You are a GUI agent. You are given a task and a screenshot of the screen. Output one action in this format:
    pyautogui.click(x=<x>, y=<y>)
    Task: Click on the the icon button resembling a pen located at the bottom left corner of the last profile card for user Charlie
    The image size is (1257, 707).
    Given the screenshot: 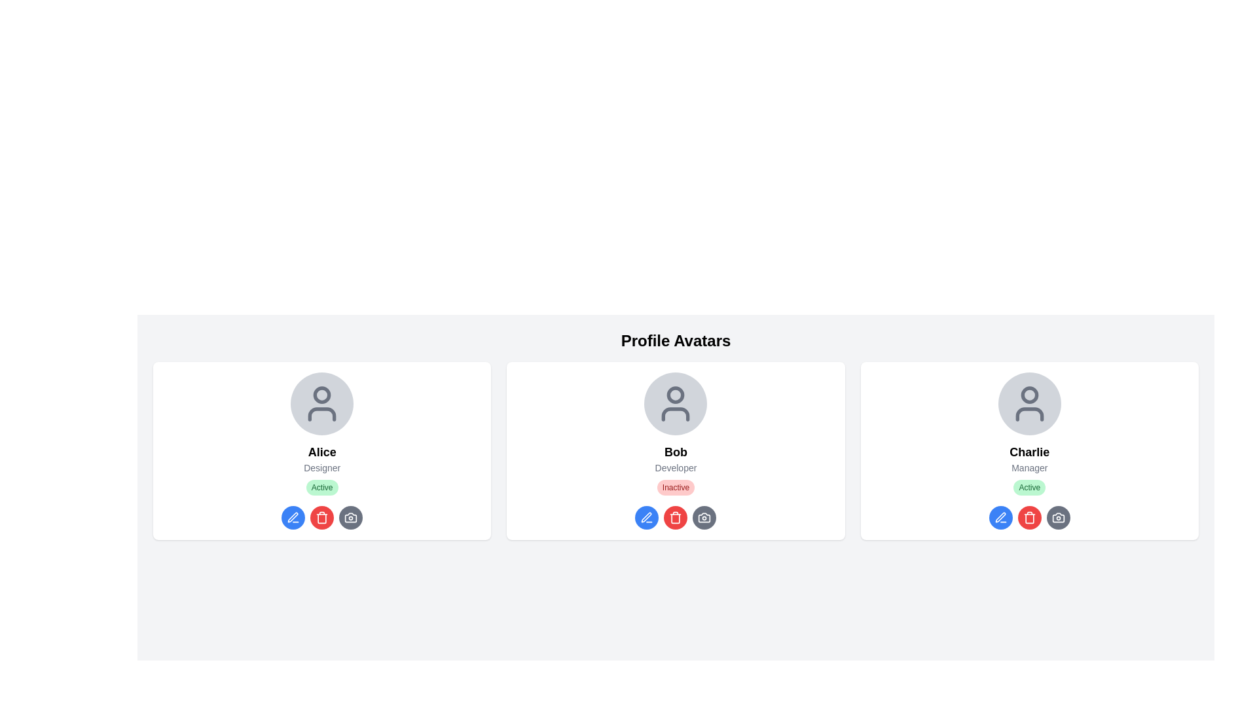 What is the action you would take?
    pyautogui.click(x=1000, y=517)
    